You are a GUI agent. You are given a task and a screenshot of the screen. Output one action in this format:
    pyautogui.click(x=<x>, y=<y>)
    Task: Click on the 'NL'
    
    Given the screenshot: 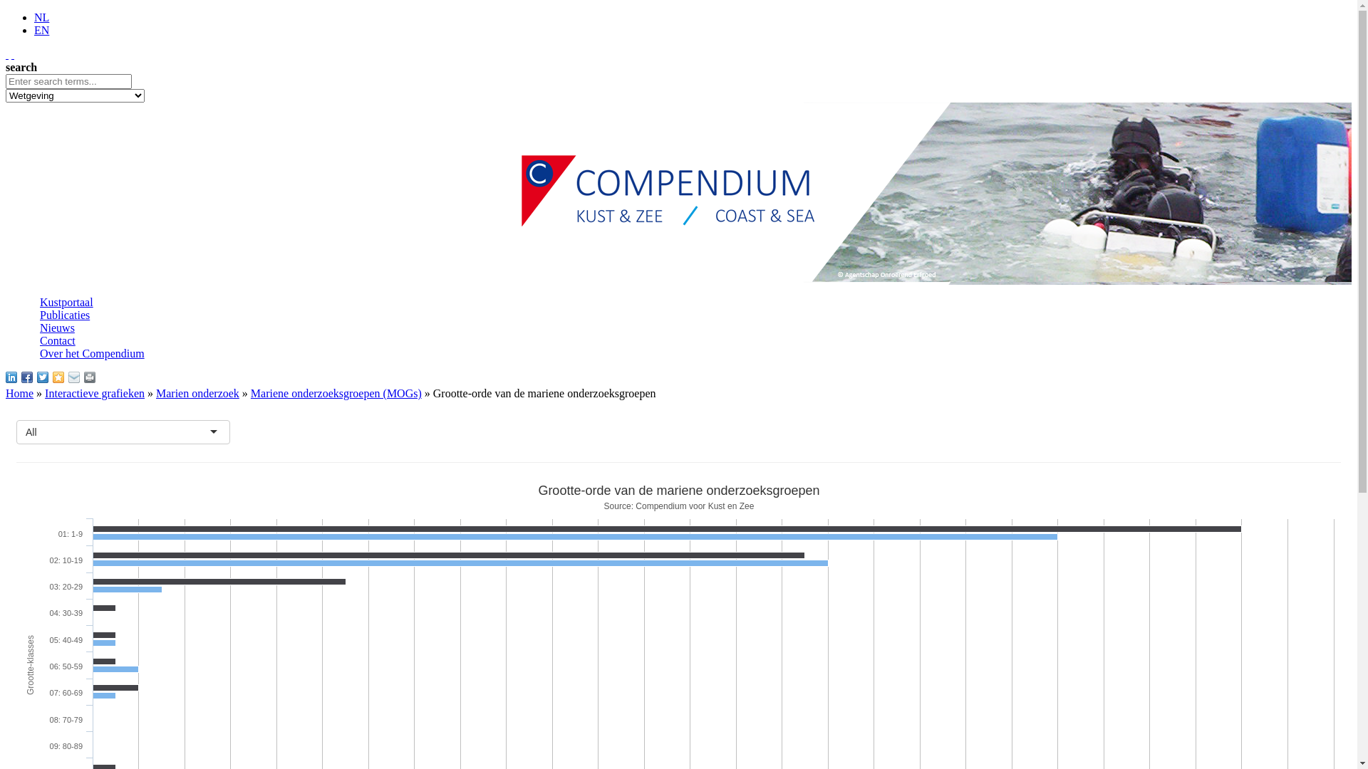 What is the action you would take?
    pyautogui.click(x=41, y=17)
    